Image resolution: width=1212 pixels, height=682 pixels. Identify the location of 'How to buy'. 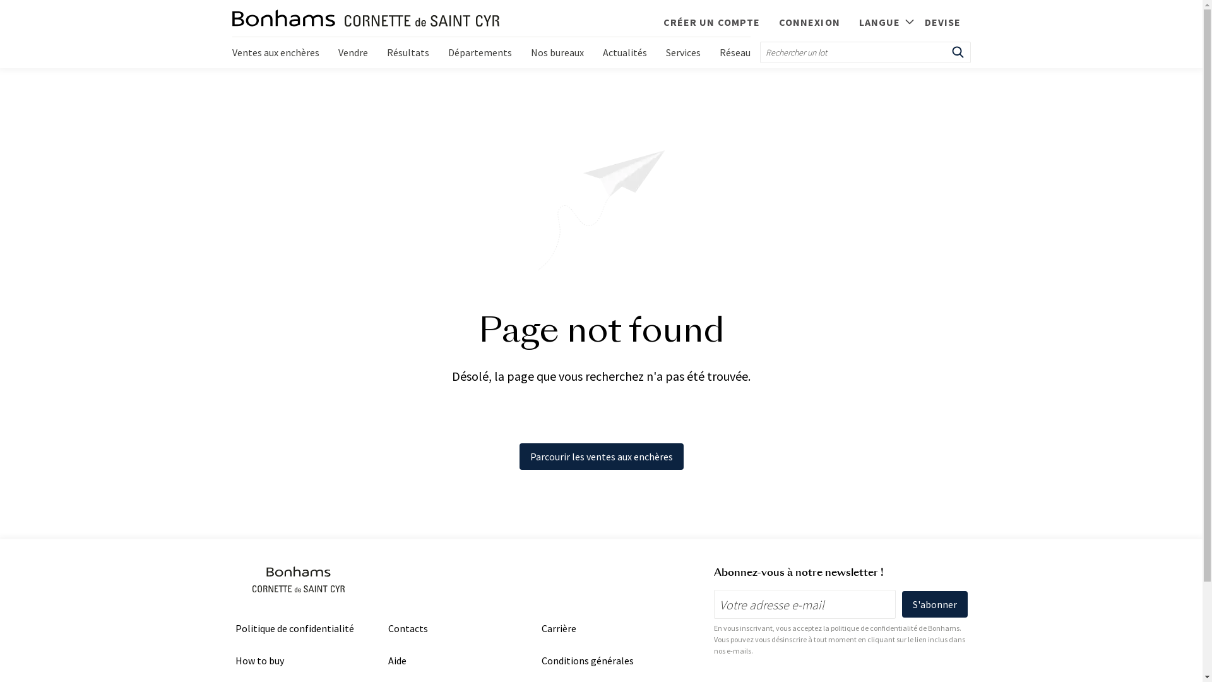
(258, 659).